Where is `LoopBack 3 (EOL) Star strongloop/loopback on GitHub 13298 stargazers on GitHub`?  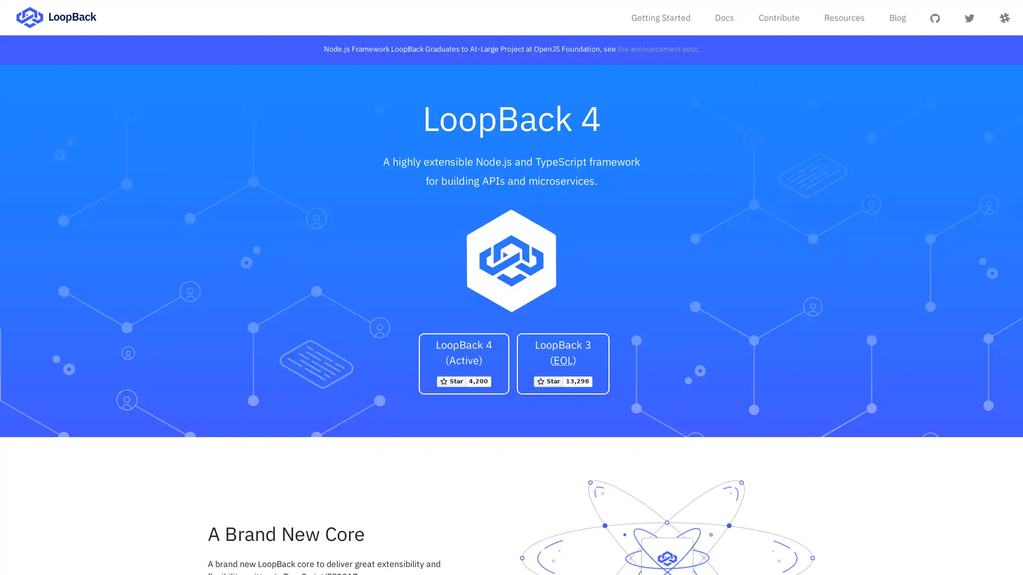
LoopBack 3 (EOL) Star strongloop/loopback on GitHub 13298 stargazers on GitHub is located at coordinates (562, 363).